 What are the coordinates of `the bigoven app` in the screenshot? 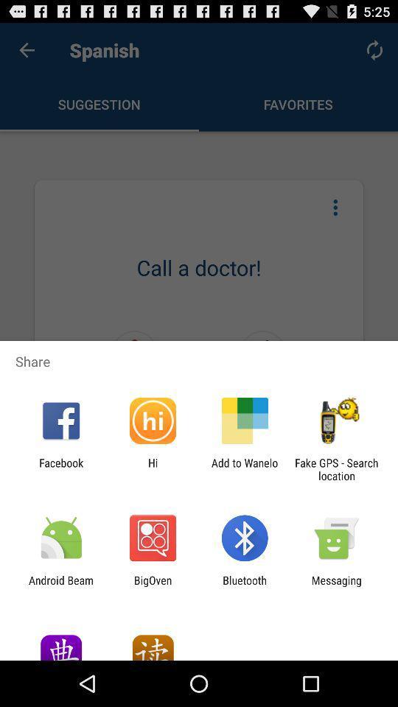 It's located at (152, 586).